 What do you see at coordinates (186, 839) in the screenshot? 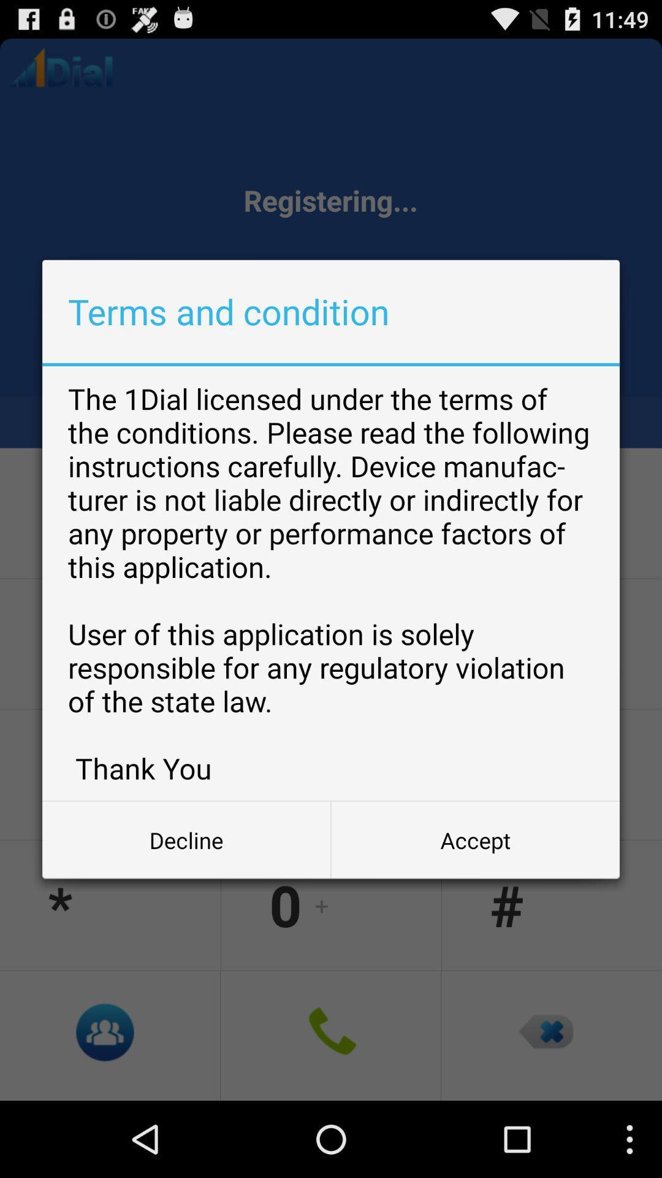
I see `the decline item` at bounding box center [186, 839].